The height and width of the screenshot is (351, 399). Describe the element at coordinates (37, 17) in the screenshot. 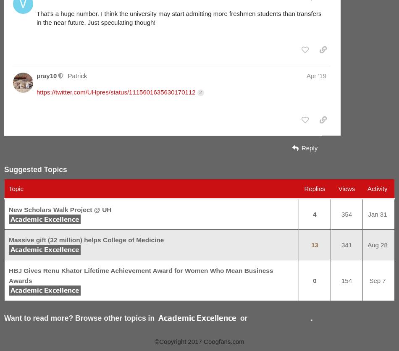

I see `'That’s a huge number. I think the university may start admitting more freshmen students than transfers in the near future. Just speculating though!'` at that location.